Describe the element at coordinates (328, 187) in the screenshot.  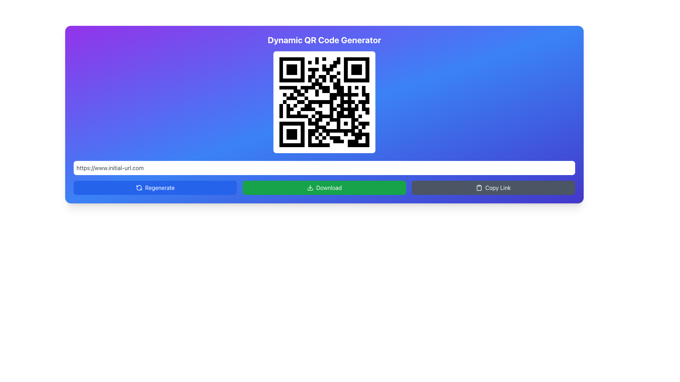
I see `the 'Download' text label which is styled in white font on a green rectangular button, located at the center of the button area` at that location.